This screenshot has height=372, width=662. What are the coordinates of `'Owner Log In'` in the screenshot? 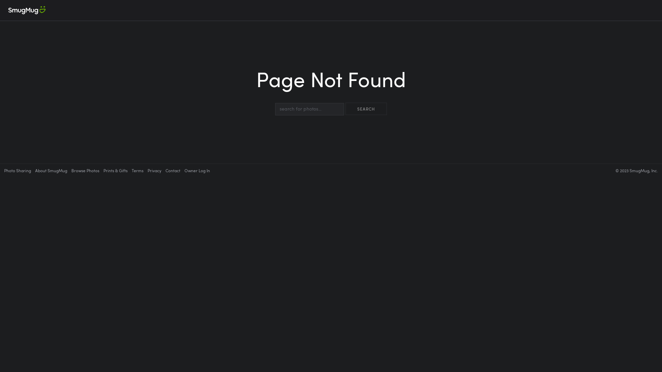 It's located at (197, 170).